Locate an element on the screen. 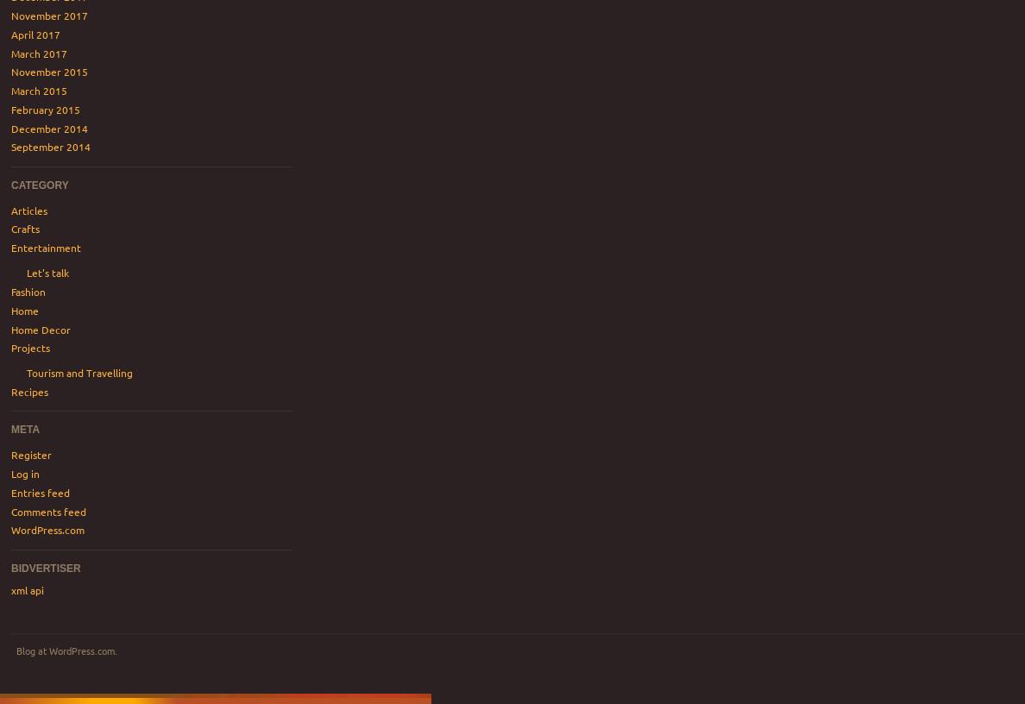  'Category' is located at coordinates (38, 184).